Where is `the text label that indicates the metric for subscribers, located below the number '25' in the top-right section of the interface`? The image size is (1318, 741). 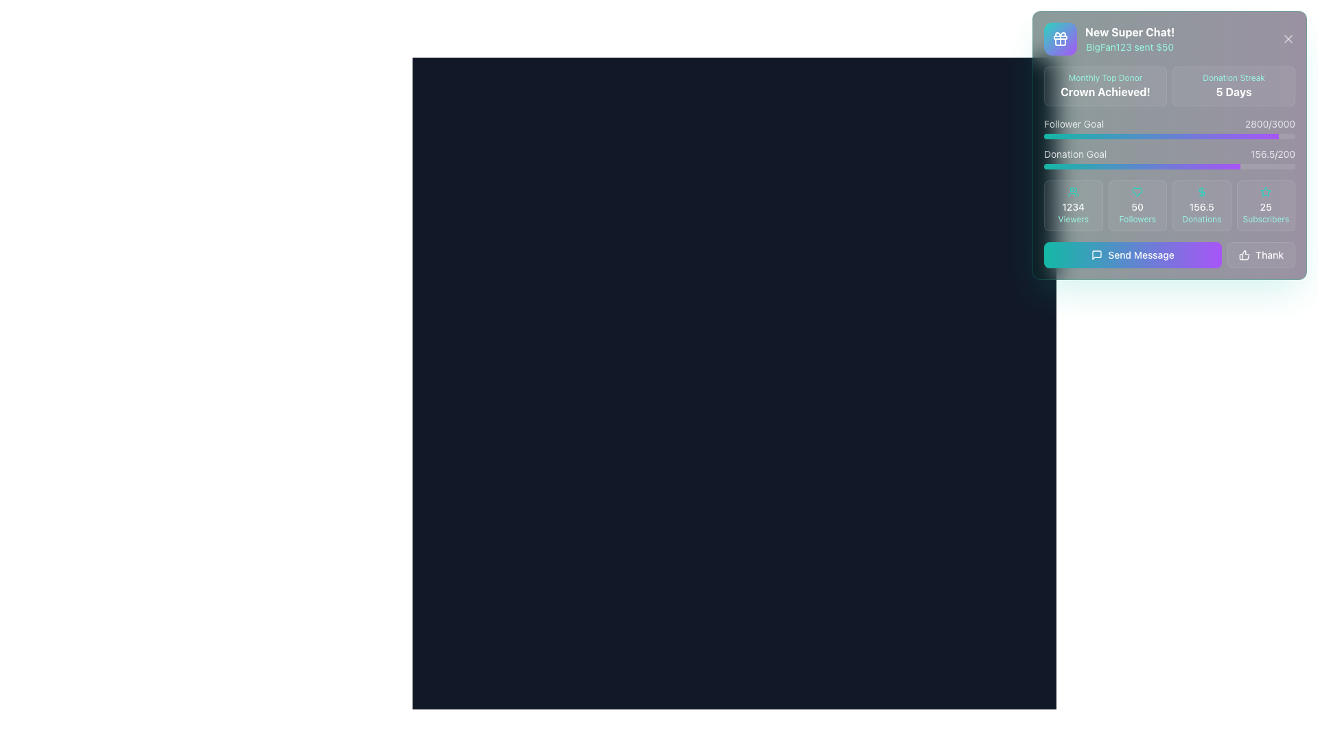
the text label that indicates the metric for subscribers, located below the number '25' in the top-right section of the interface is located at coordinates (1265, 219).